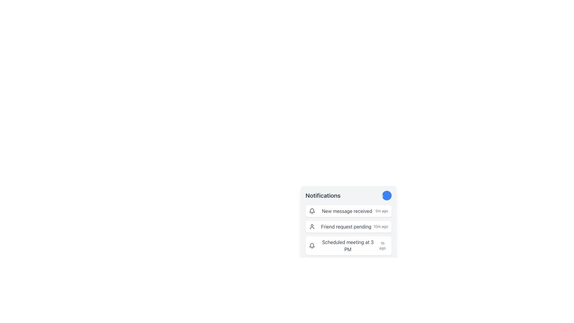 The height and width of the screenshot is (323, 574). Describe the element at coordinates (349, 227) in the screenshot. I see `the second notification item displaying 'Friend request pending'` at that location.